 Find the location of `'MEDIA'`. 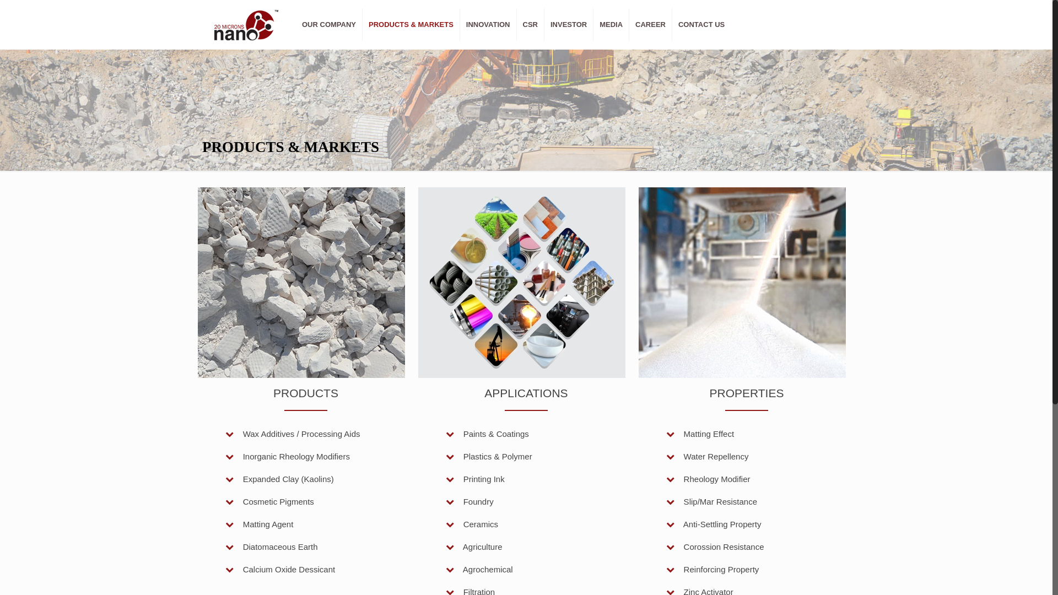

'MEDIA' is located at coordinates (611, 25).